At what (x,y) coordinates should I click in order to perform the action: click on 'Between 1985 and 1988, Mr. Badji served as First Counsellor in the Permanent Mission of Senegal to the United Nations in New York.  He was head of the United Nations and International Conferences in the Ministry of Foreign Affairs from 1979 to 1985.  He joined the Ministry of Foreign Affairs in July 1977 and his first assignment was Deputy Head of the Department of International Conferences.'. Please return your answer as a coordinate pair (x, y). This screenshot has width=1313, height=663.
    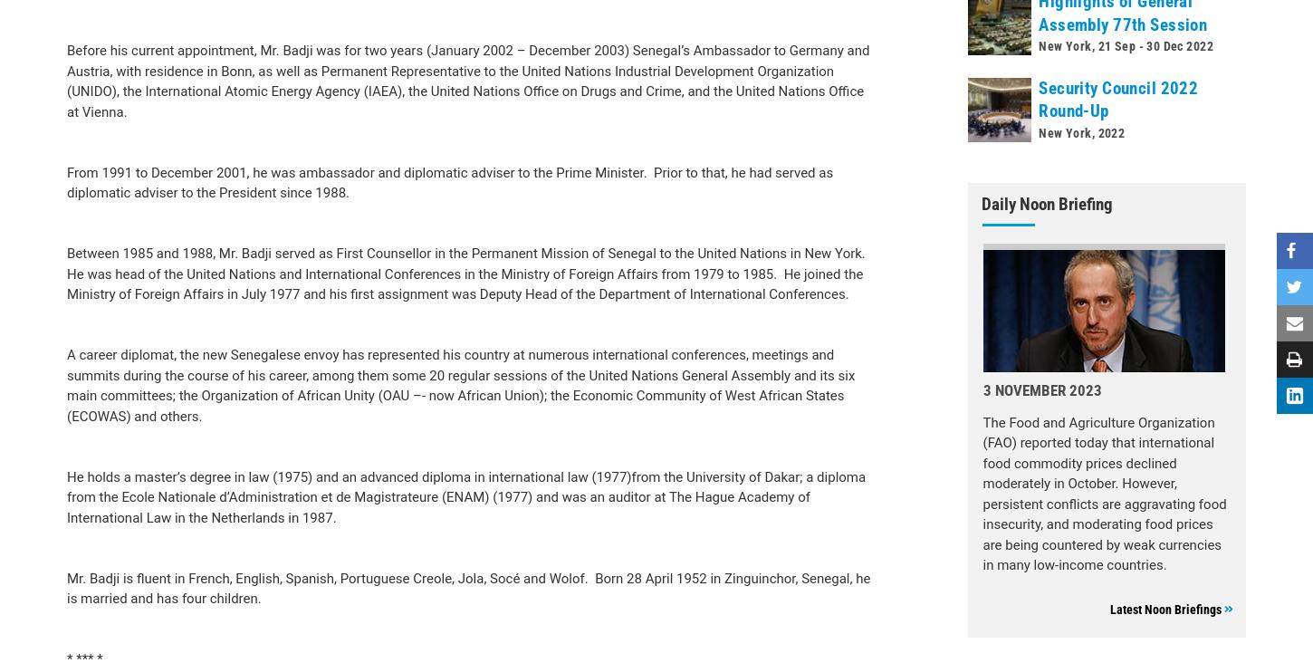
    Looking at the image, I should click on (66, 102).